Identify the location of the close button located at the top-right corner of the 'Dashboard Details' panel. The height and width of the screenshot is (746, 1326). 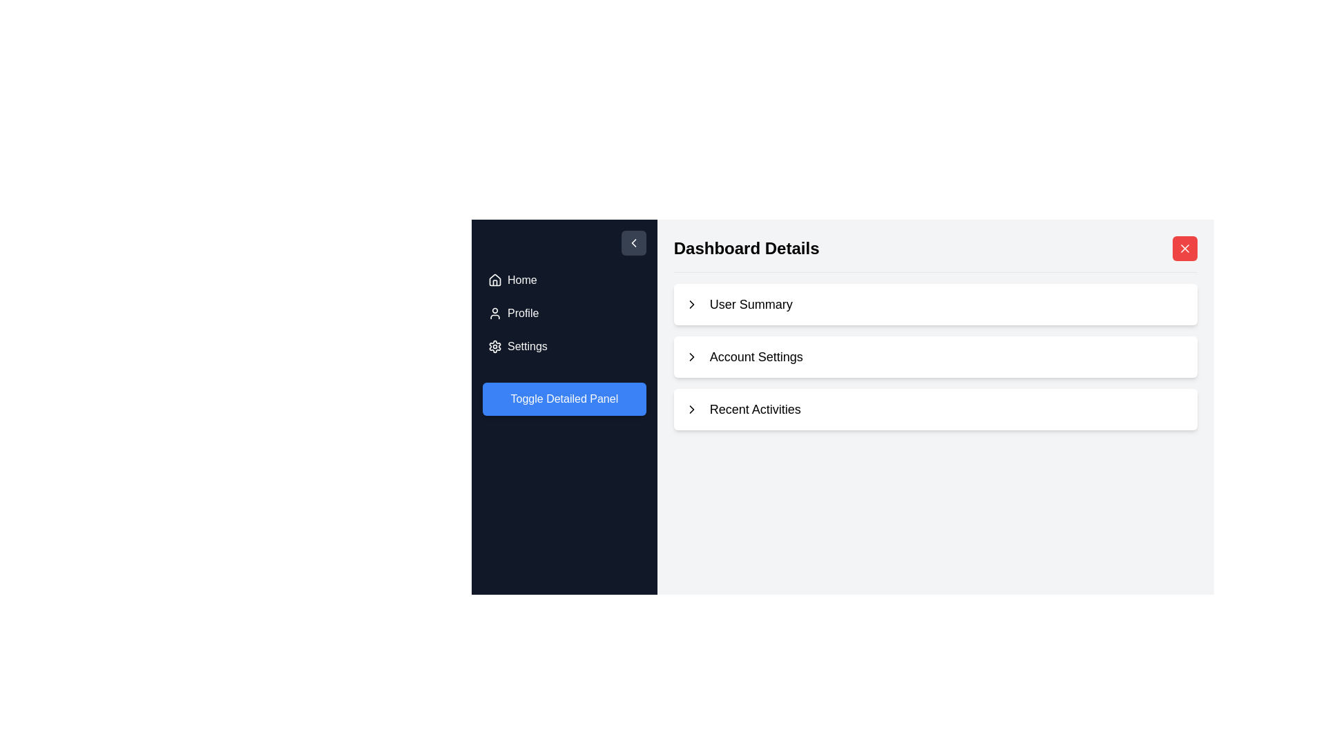
(1184, 247).